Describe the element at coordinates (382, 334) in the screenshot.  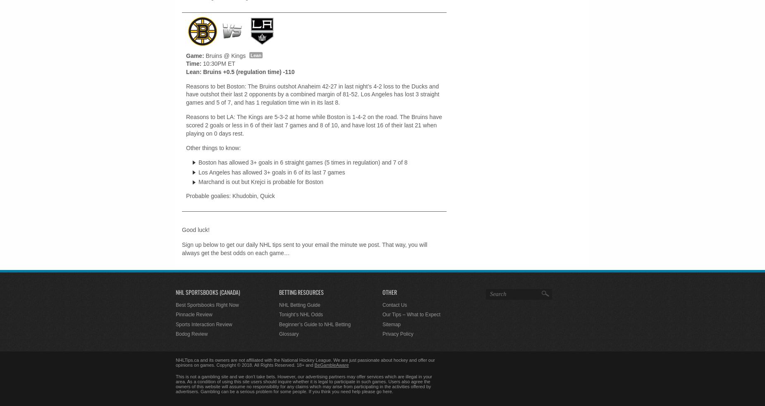
I see `'Privacy Policy'` at that location.